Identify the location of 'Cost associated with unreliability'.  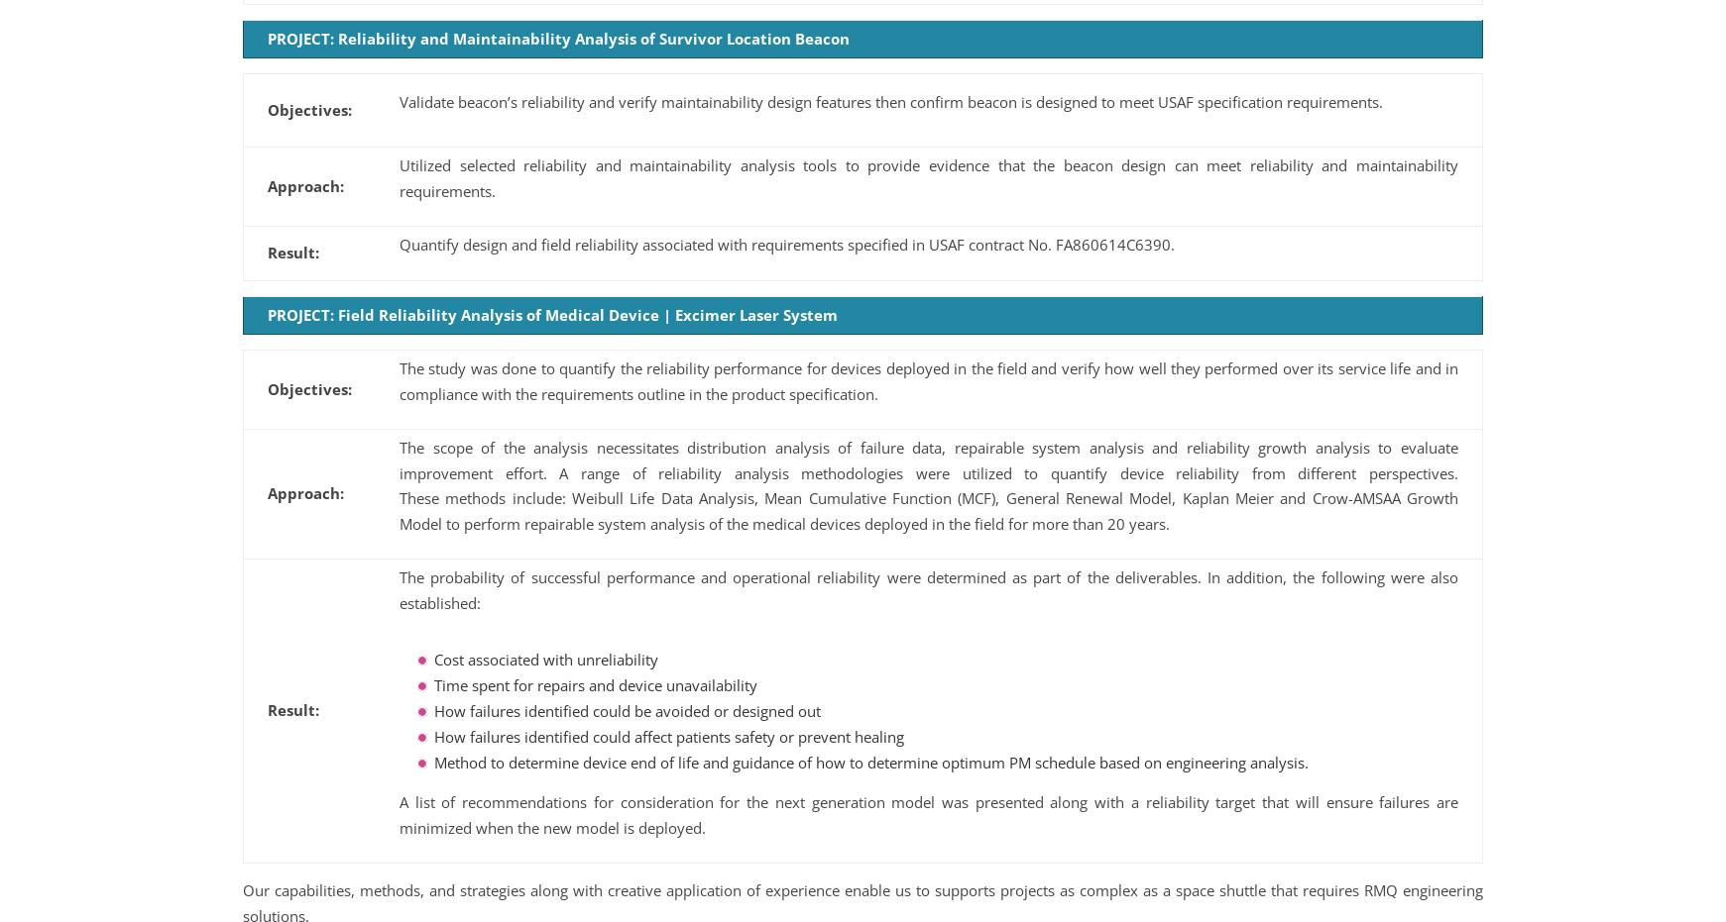
(546, 659).